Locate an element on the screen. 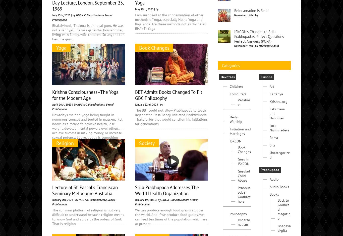 The height and width of the screenshot is (236, 343). 'Prabhupada' is located at coordinates (260, 207).